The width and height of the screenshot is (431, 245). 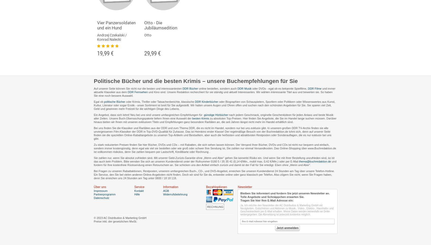 I want to click on 'und Kino sind. Unsere Redaktion recherchiert für sie ständig und aktuell Interessantes. Wir wählen interessante Titel aus und bewerten sie. So haben Sie eine noch bessere Auswahl.', so click(x=213, y=94).